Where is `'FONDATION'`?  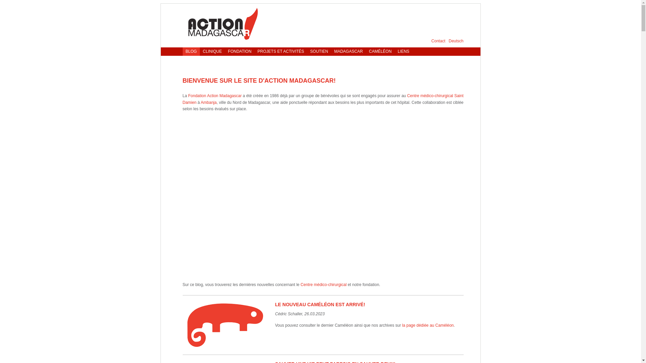
'FONDATION' is located at coordinates (240, 51).